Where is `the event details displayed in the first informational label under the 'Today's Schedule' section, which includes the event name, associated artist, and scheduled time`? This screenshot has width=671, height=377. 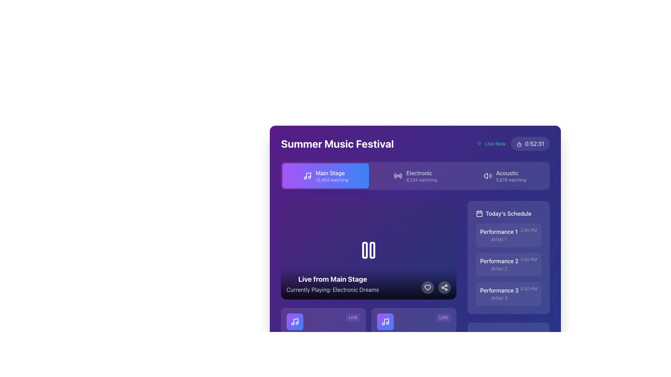
the event details displayed in the first informational label under the 'Today's Schedule' section, which includes the event name, associated artist, and scheduled time is located at coordinates (508, 235).